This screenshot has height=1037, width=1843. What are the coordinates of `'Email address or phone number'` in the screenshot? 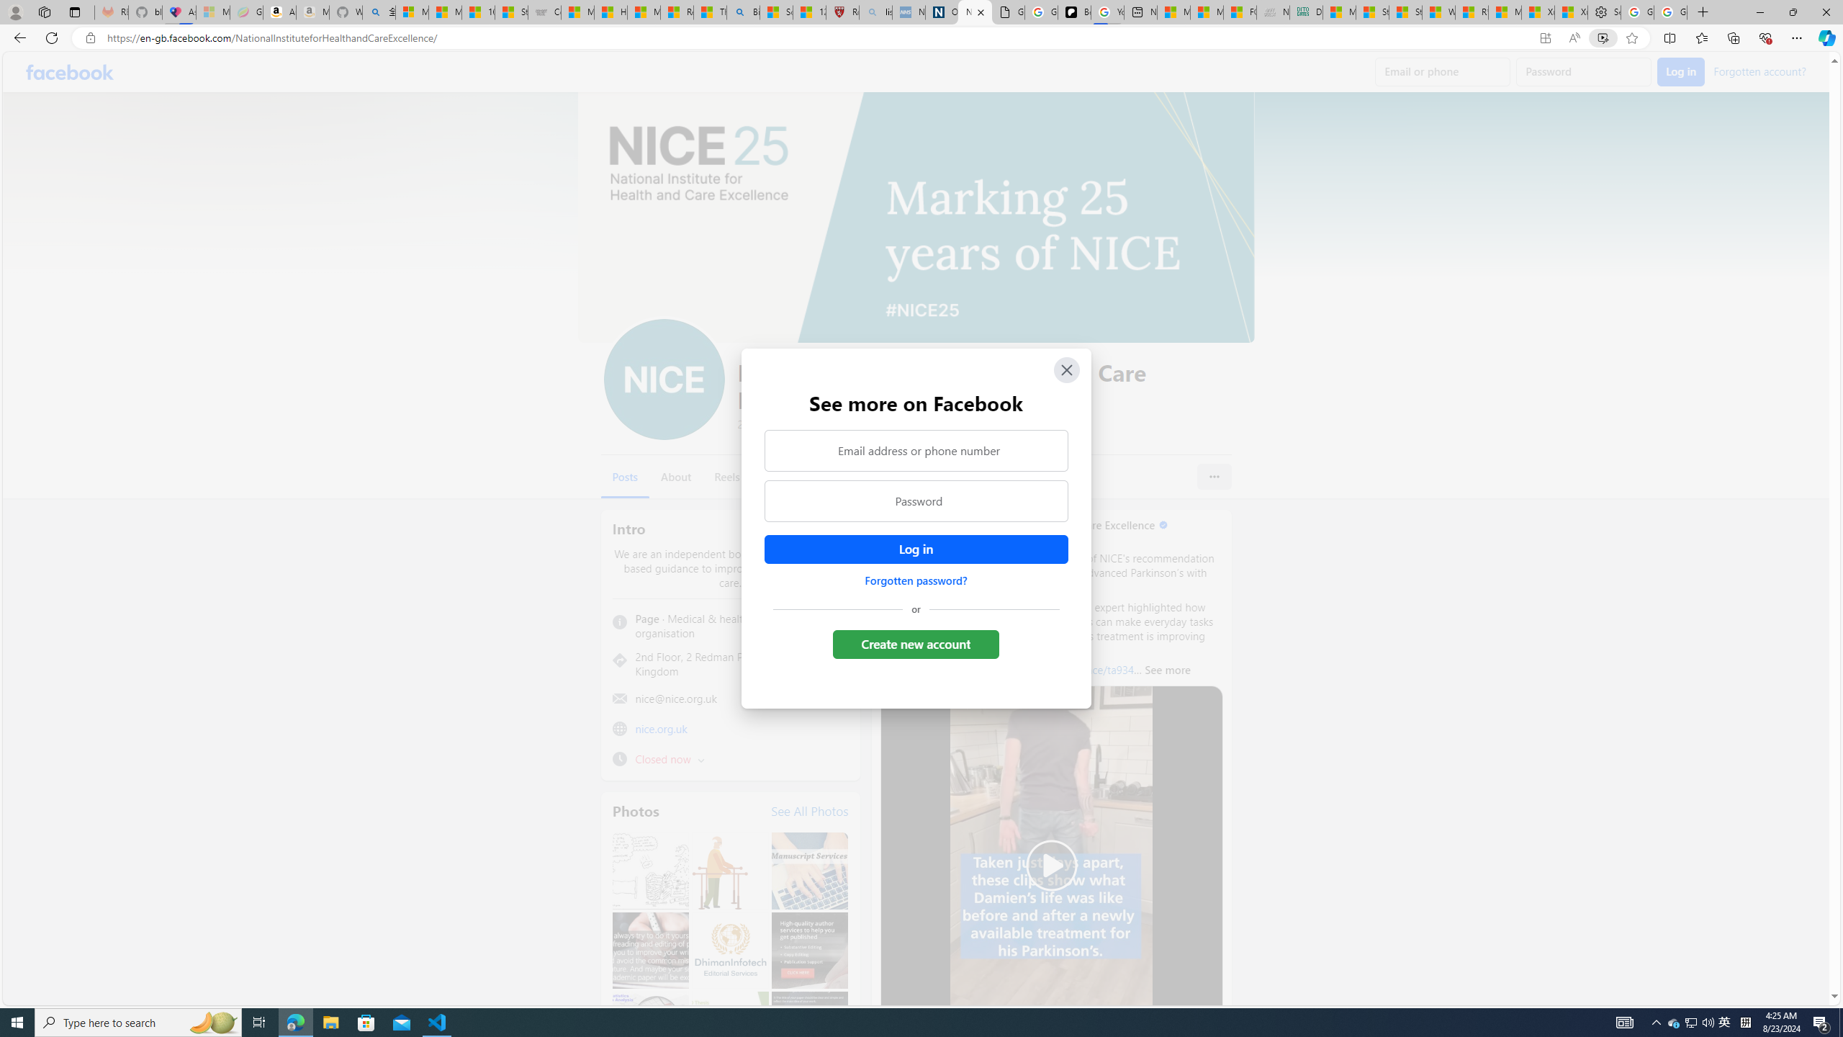 It's located at (915, 449).